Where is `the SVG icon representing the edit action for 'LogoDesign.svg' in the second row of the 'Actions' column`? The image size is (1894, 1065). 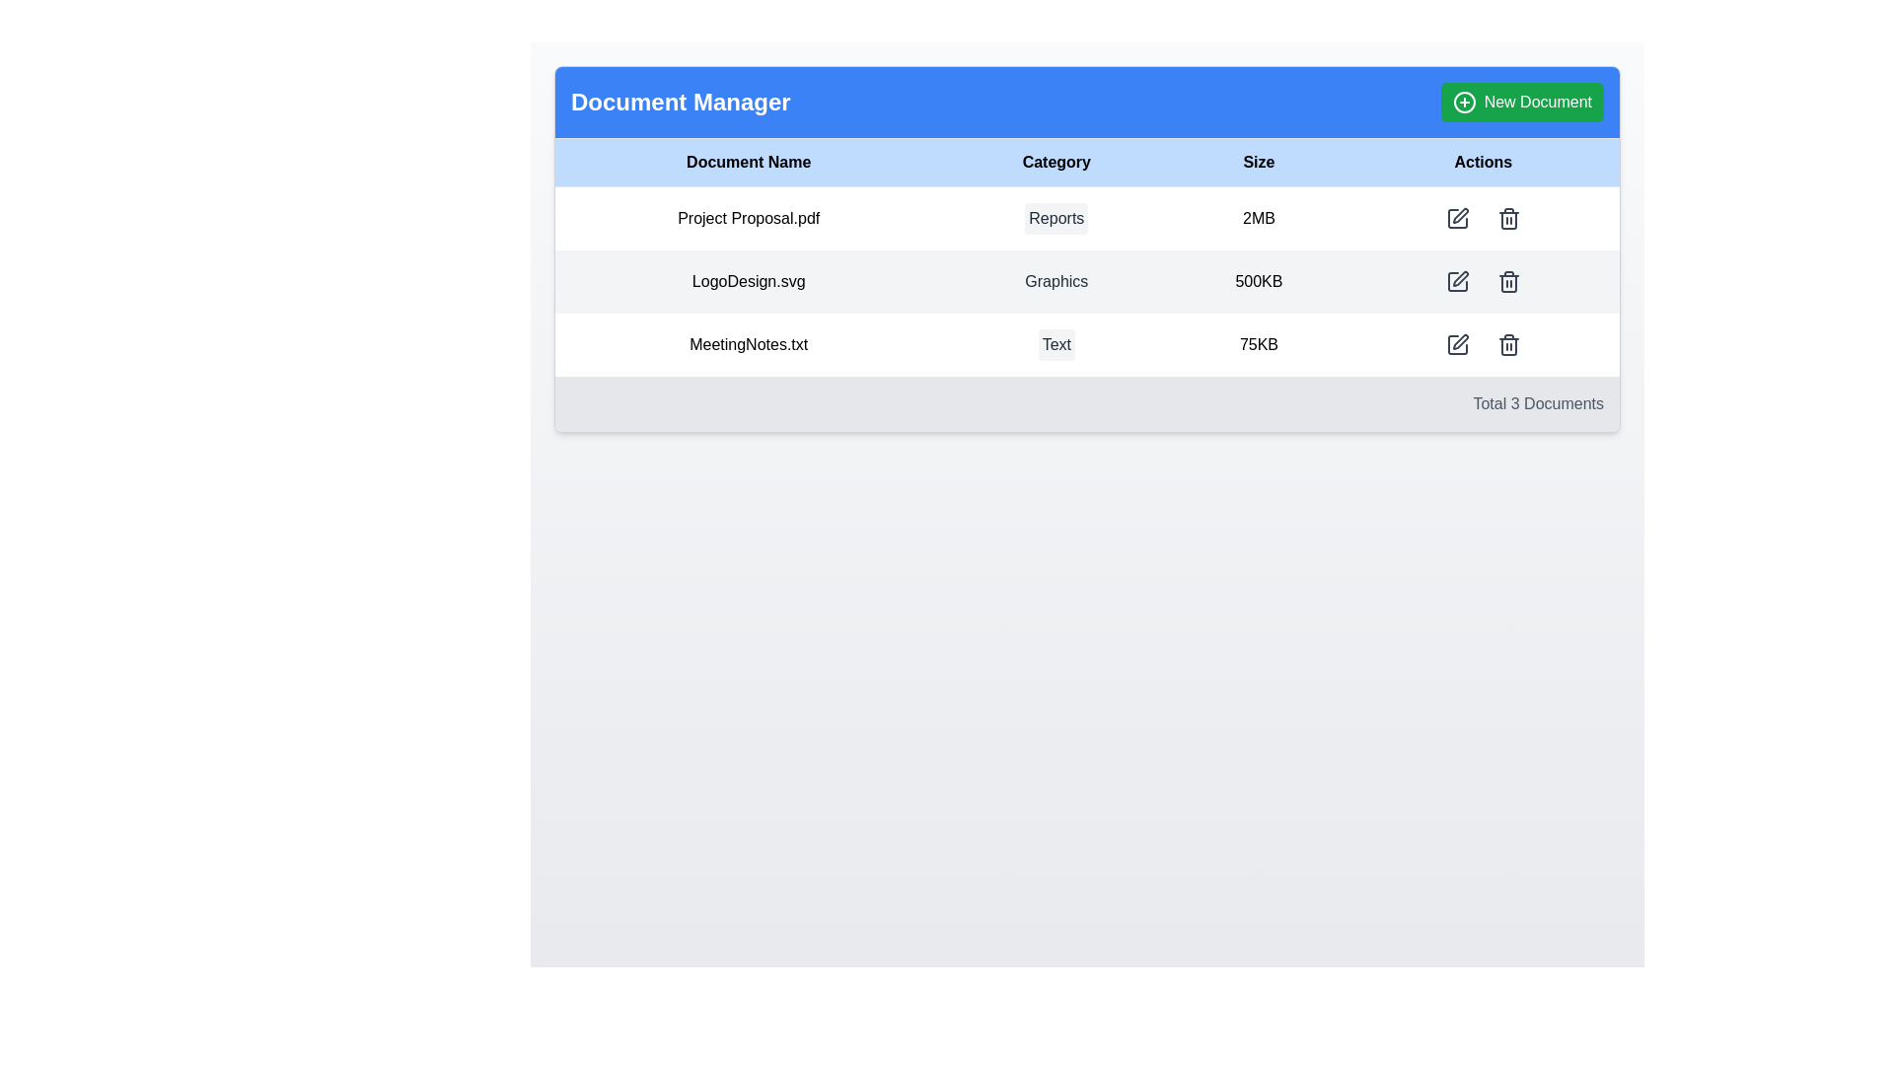 the SVG icon representing the edit action for 'LogoDesign.svg' in the second row of the 'Actions' column is located at coordinates (1457, 281).